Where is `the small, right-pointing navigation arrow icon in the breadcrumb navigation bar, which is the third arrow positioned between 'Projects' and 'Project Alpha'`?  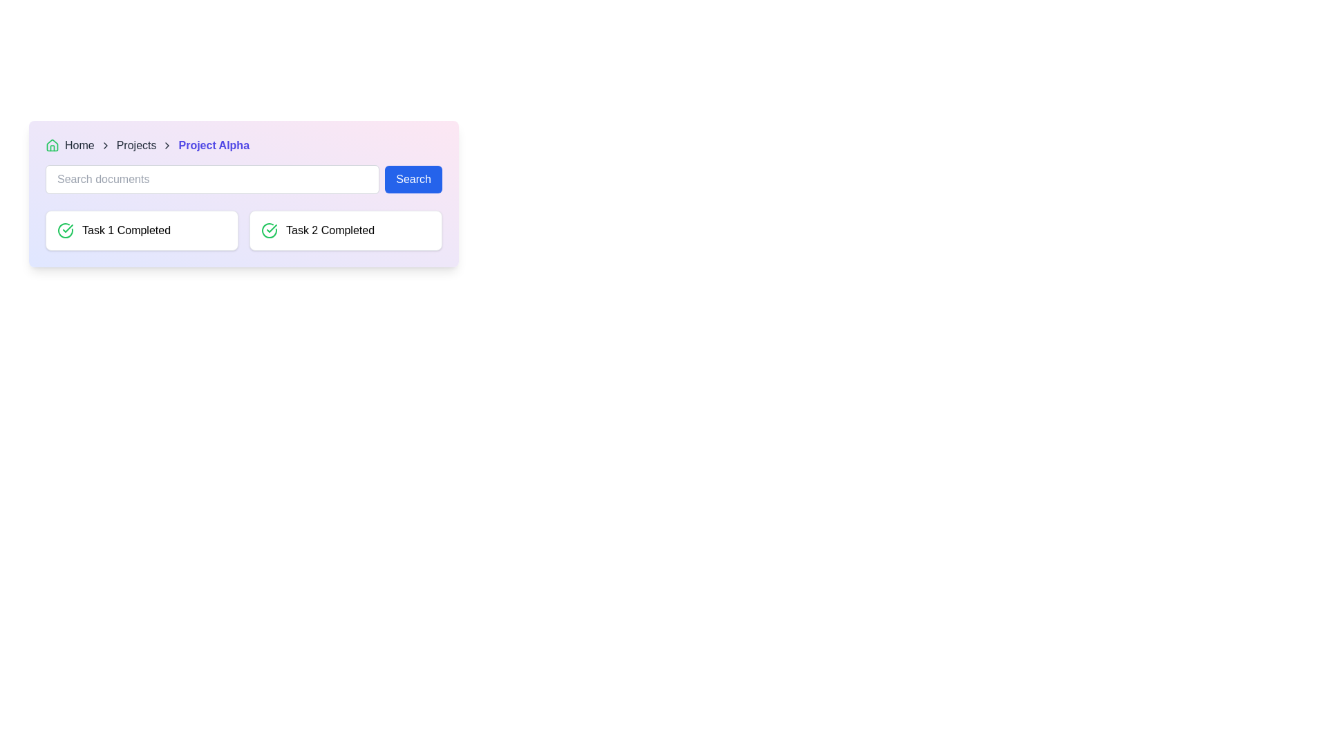 the small, right-pointing navigation arrow icon in the breadcrumb navigation bar, which is the third arrow positioned between 'Projects' and 'Project Alpha' is located at coordinates (167, 146).